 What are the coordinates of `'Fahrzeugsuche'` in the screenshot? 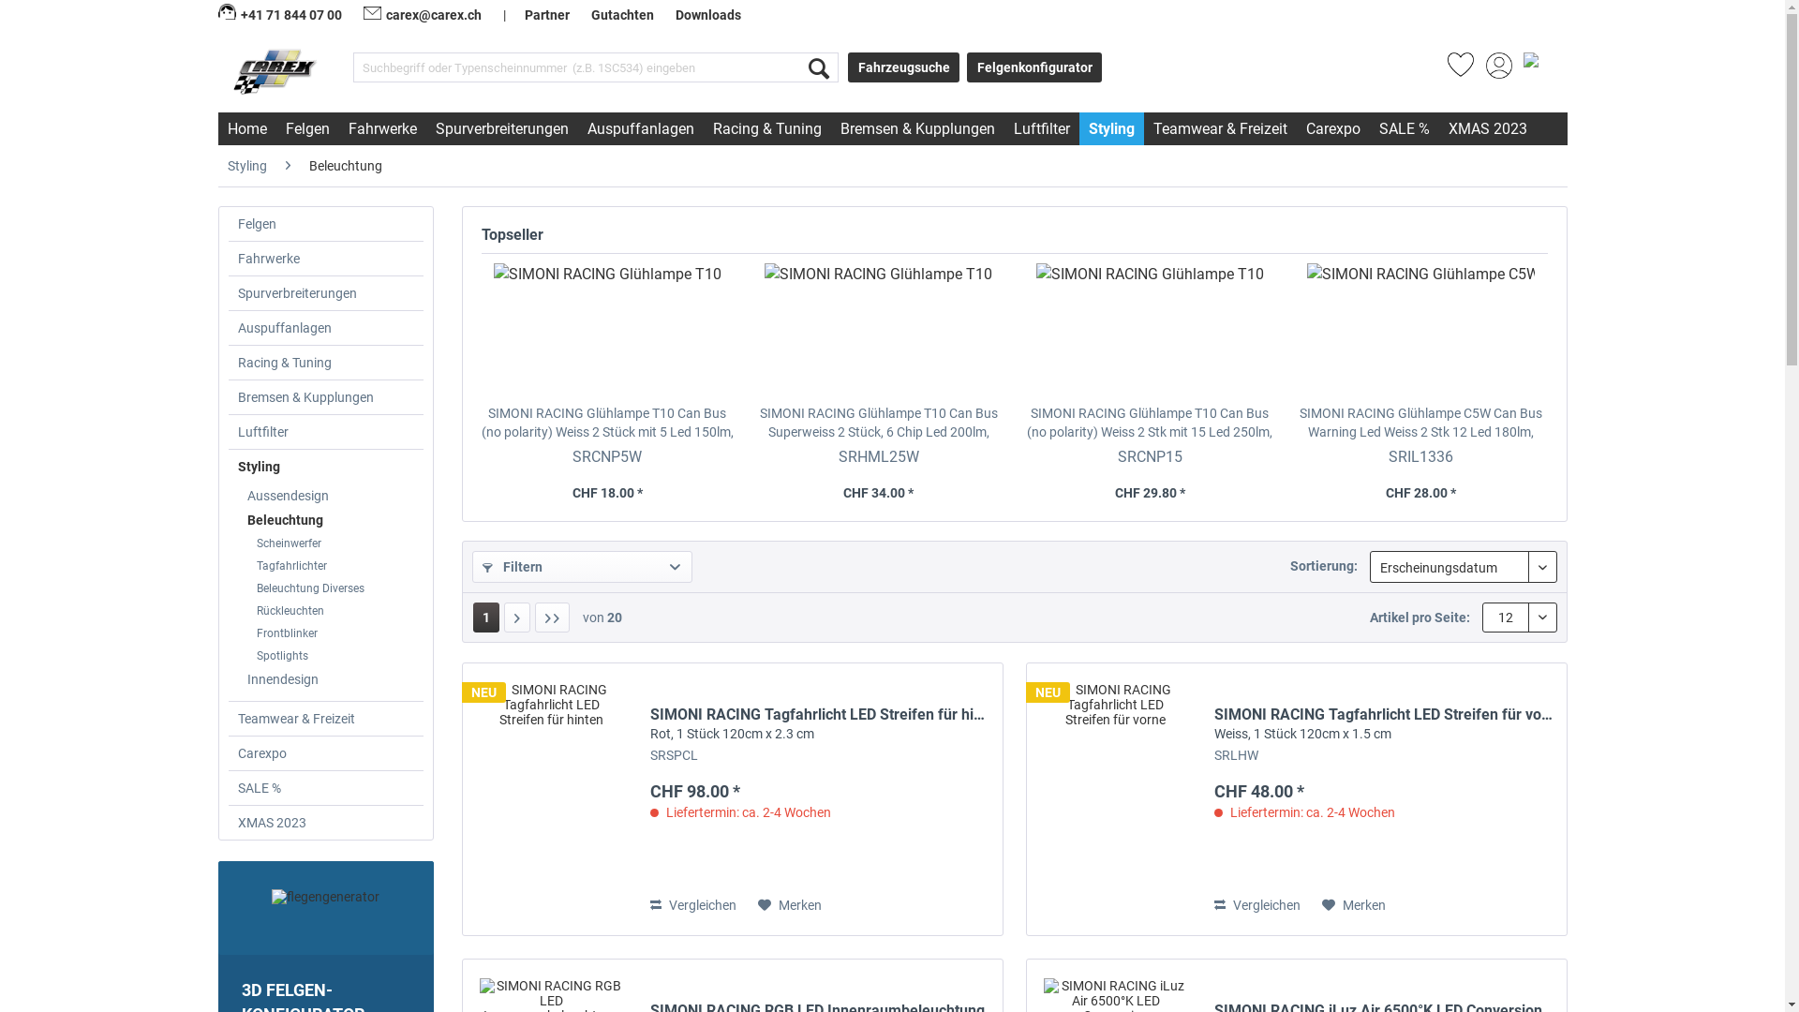 It's located at (847, 67).